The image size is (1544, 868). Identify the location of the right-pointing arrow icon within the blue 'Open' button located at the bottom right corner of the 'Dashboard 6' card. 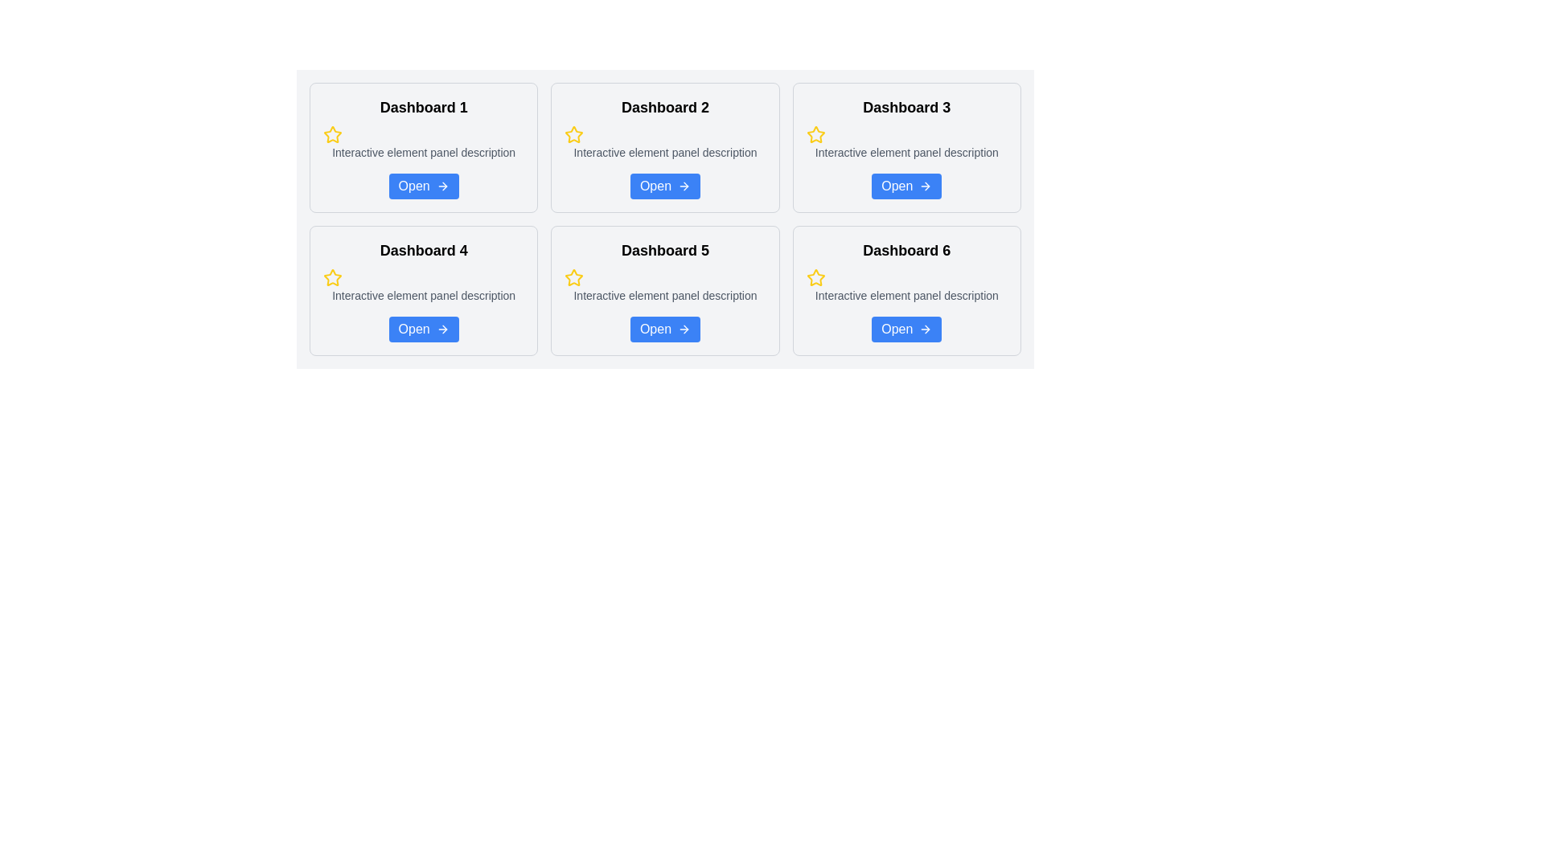
(926, 328).